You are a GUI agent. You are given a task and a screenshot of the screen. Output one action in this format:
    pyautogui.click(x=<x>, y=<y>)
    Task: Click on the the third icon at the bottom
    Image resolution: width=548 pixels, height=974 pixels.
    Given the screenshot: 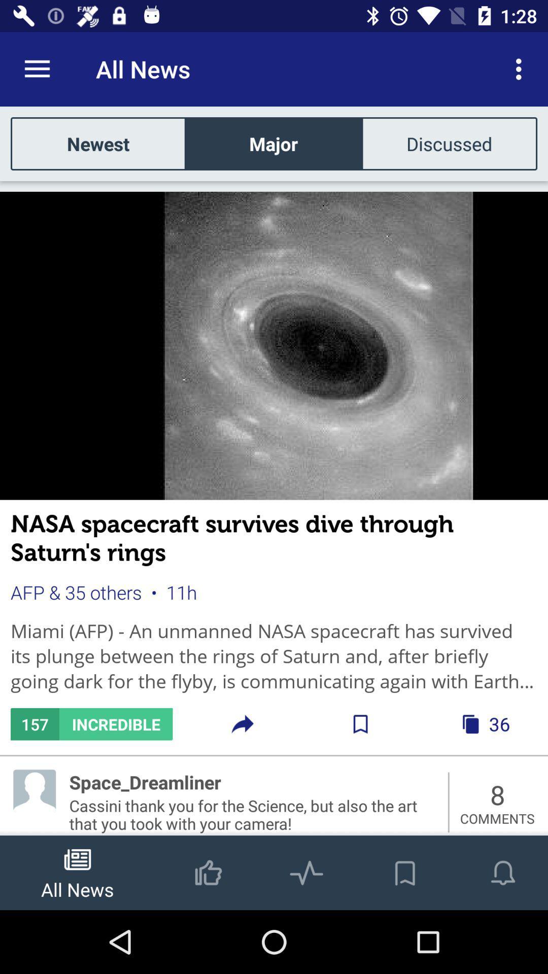 What is the action you would take?
    pyautogui.click(x=306, y=861)
    